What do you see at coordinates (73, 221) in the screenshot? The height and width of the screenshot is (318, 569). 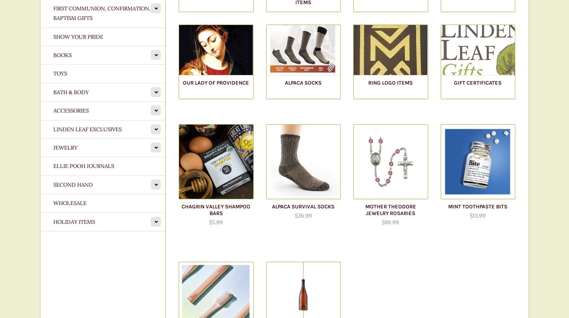 I see `'Holiday Items'` at bounding box center [73, 221].